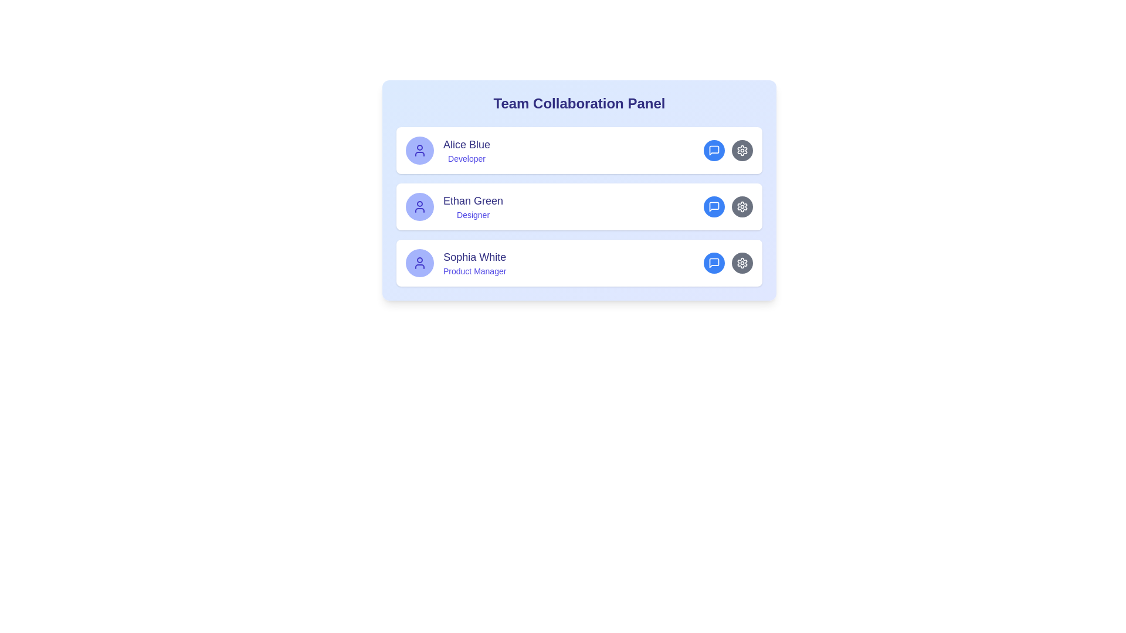  What do you see at coordinates (473, 215) in the screenshot?
I see `the text label 'Designer' that is indigo colored and located directly below the name 'Ethan Green' in the team member list` at bounding box center [473, 215].